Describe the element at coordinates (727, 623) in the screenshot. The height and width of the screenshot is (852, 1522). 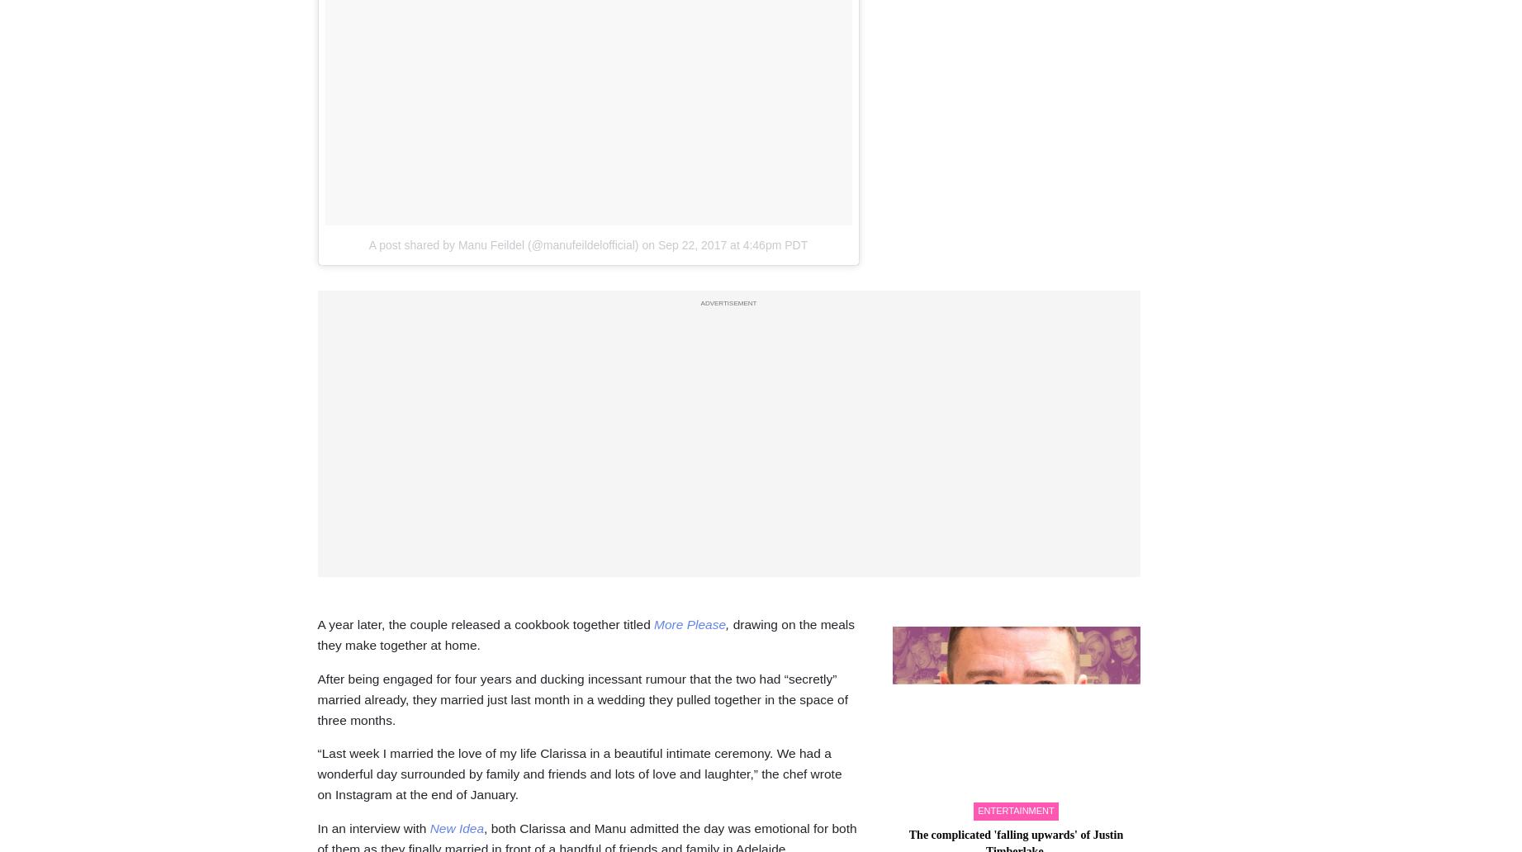
I see `','` at that location.